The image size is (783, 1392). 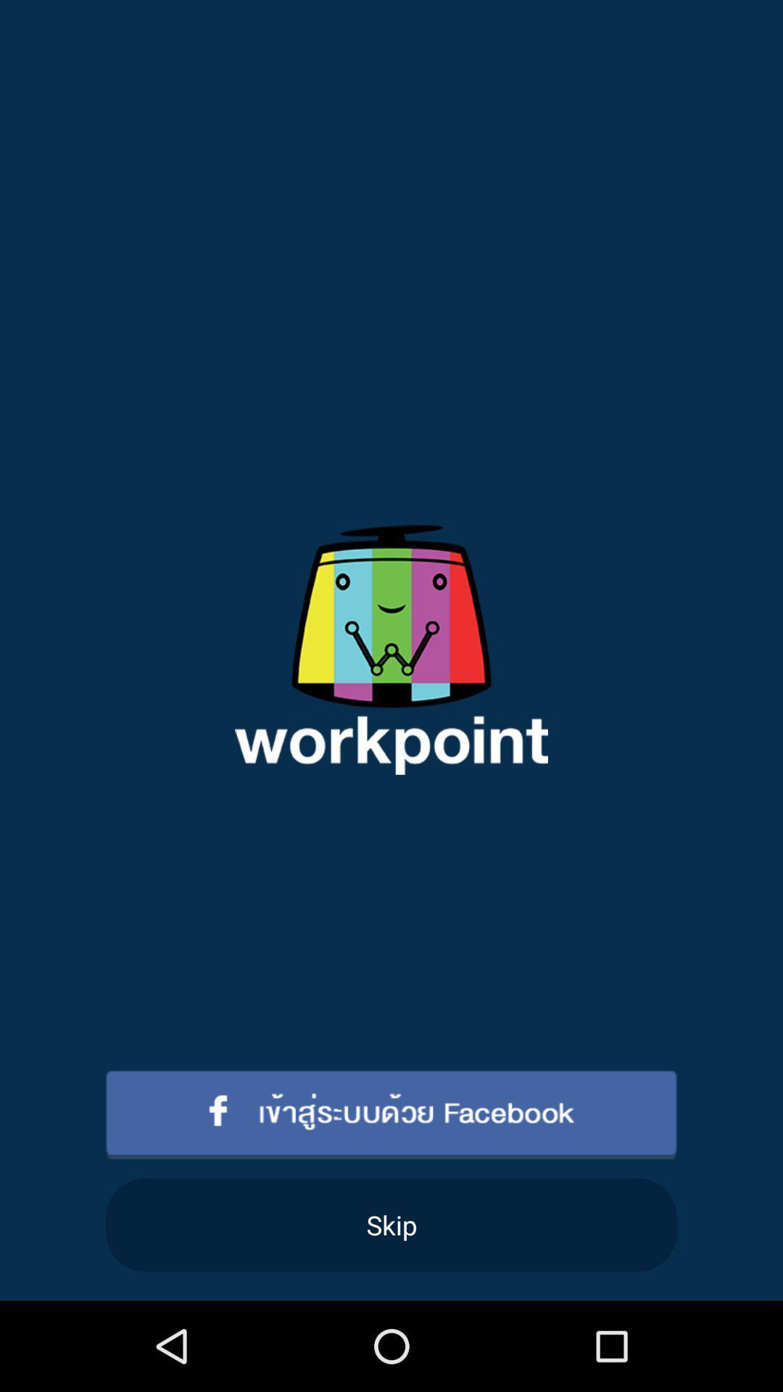 I want to click on sign in with facebook, so click(x=391, y=1114).